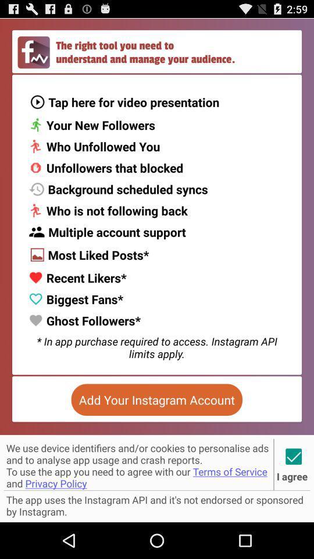 This screenshot has width=314, height=559. What do you see at coordinates (156, 399) in the screenshot?
I see `add your instagram icon` at bounding box center [156, 399].